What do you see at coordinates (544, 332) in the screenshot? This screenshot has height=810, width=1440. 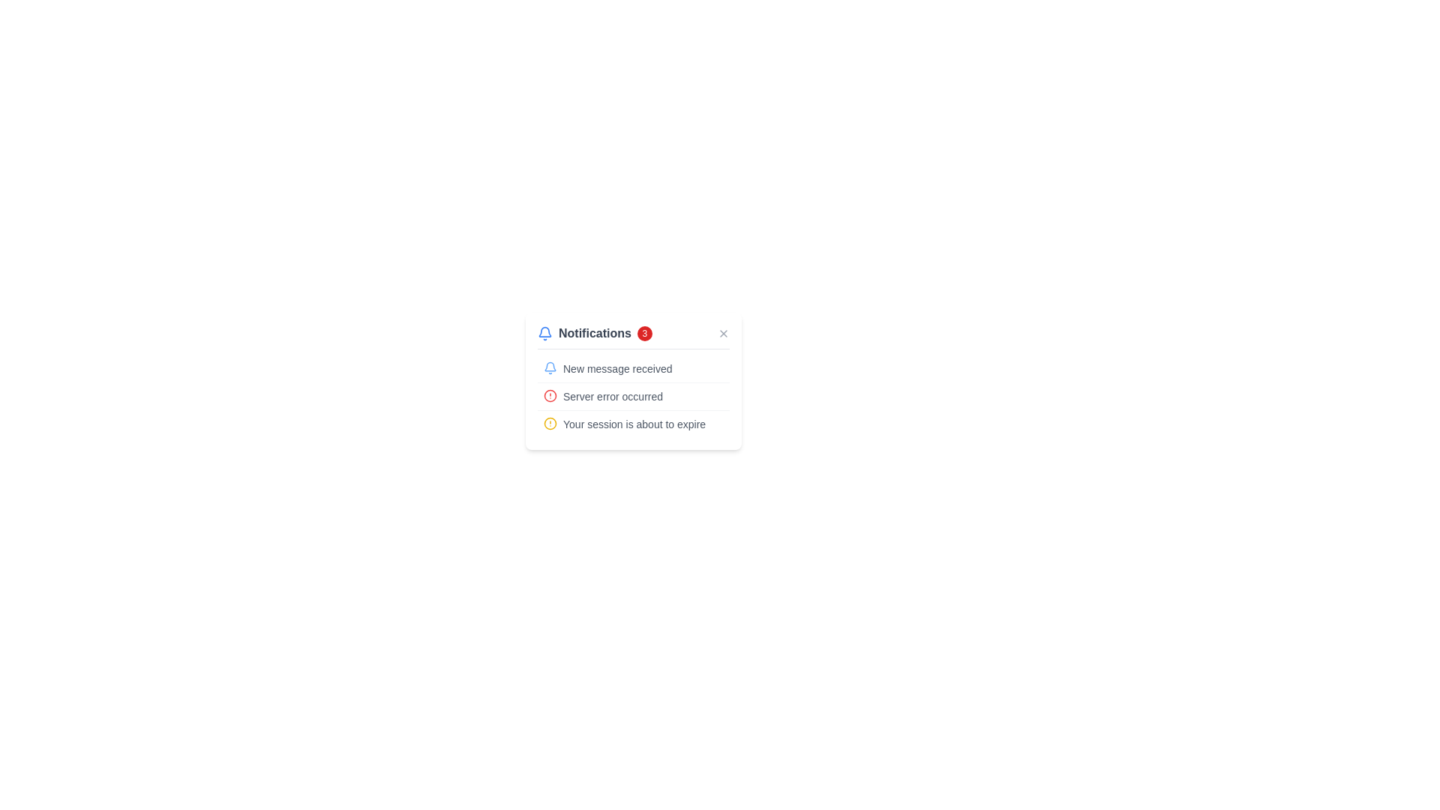 I see `the blue notification bell icon` at bounding box center [544, 332].